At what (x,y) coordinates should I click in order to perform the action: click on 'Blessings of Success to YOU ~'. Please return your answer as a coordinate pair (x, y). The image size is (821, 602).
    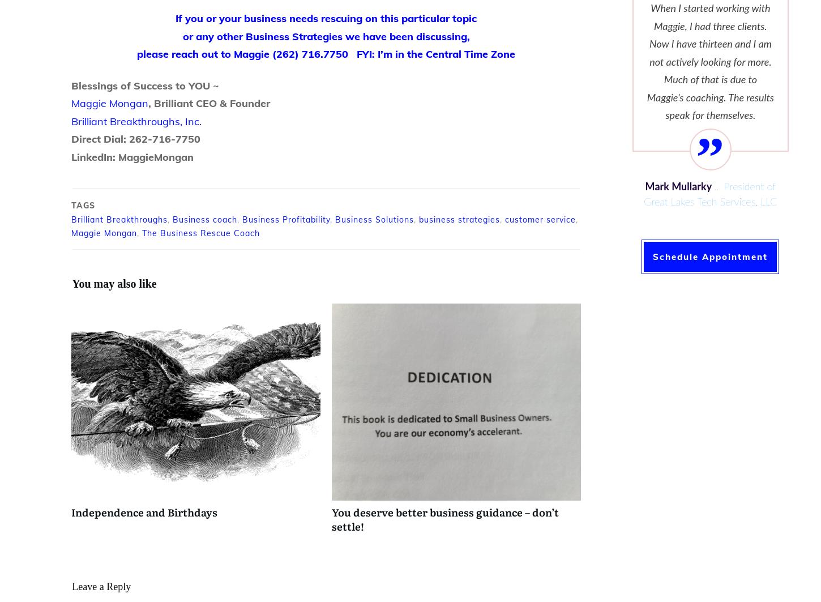
    Looking at the image, I should click on (145, 85).